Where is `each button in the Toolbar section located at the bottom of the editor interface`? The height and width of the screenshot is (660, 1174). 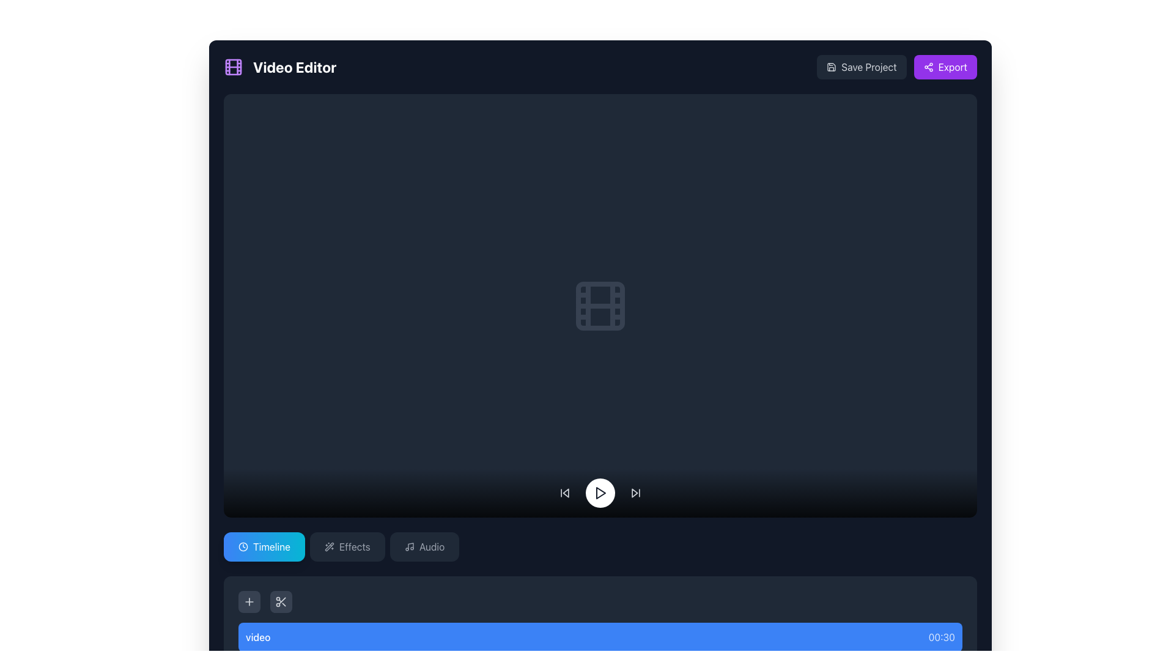 each button in the Toolbar section located at the bottom of the editor interface is located at coordinates (600, 601).